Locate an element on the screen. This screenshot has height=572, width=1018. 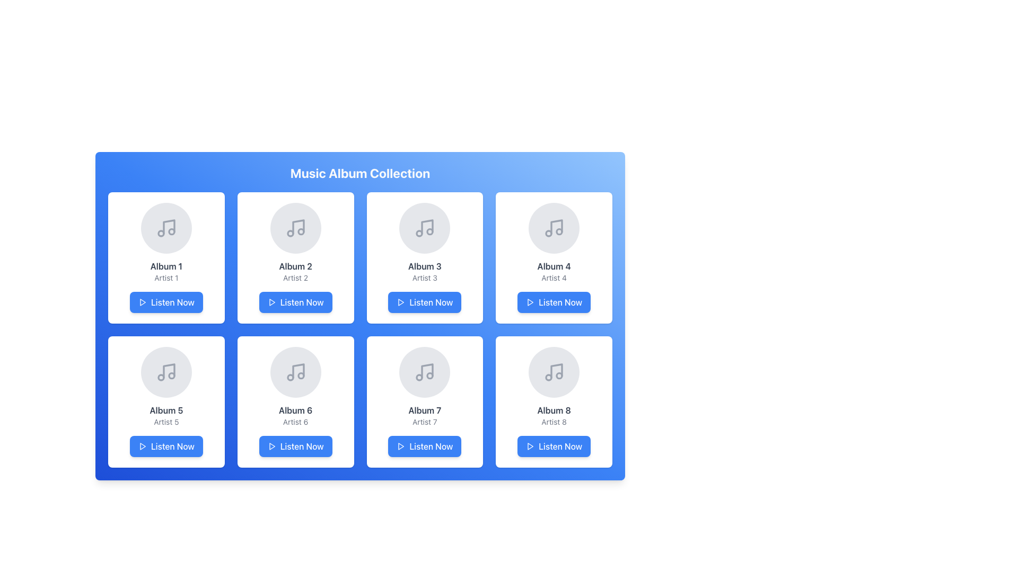
text 'Album 6' which is the title of the sixth card located in the second row and second column of the grid is located at coordinates (295, 410).